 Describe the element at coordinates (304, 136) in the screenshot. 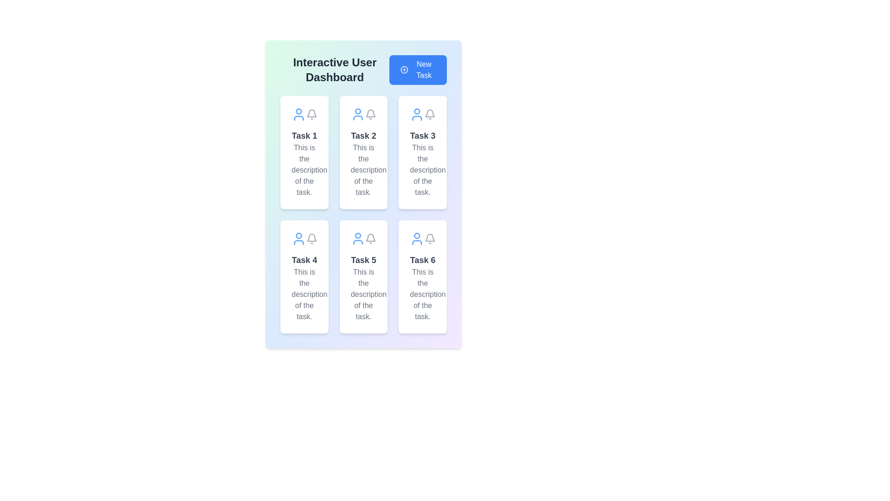

I see `the 'Task 1' label, which is displayed in gray with a bold font style, from its position in the top-left card of the task grid` at that location.